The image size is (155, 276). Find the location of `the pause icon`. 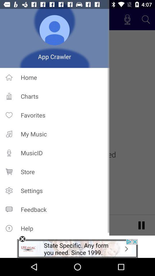

the pause icon is located at coordinates (141, 225).